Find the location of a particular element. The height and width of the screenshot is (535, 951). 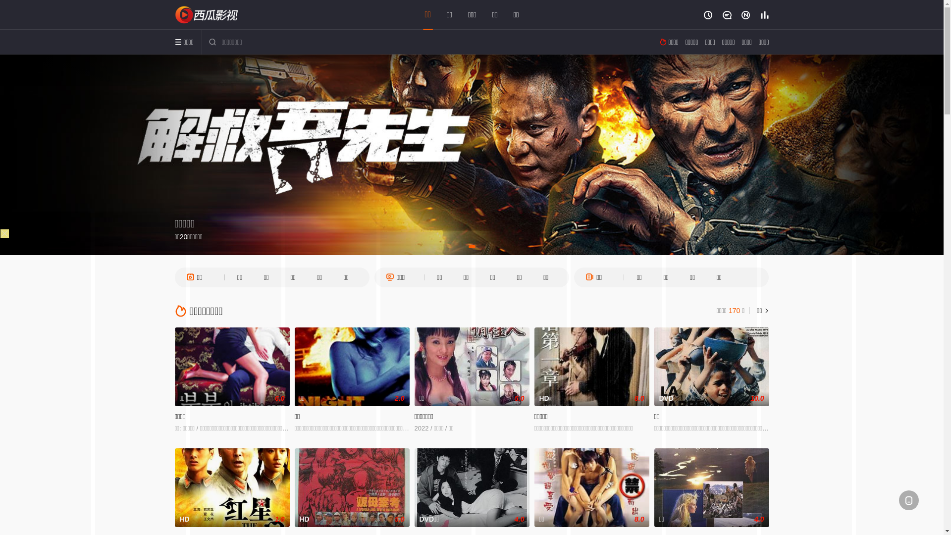

'HD is located at coordinates (591, 367).